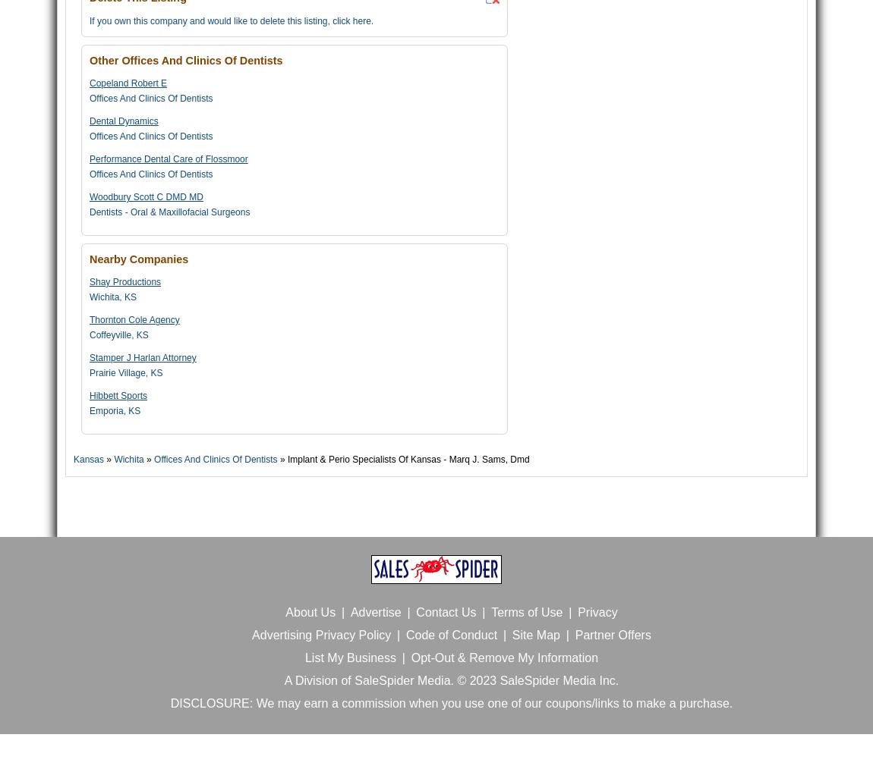 This screenshot has height=766, width=873. What do you see at coordinates (375, 612) in the screenshot?
I see `'Advertise'` at bounding box center [375, 612].